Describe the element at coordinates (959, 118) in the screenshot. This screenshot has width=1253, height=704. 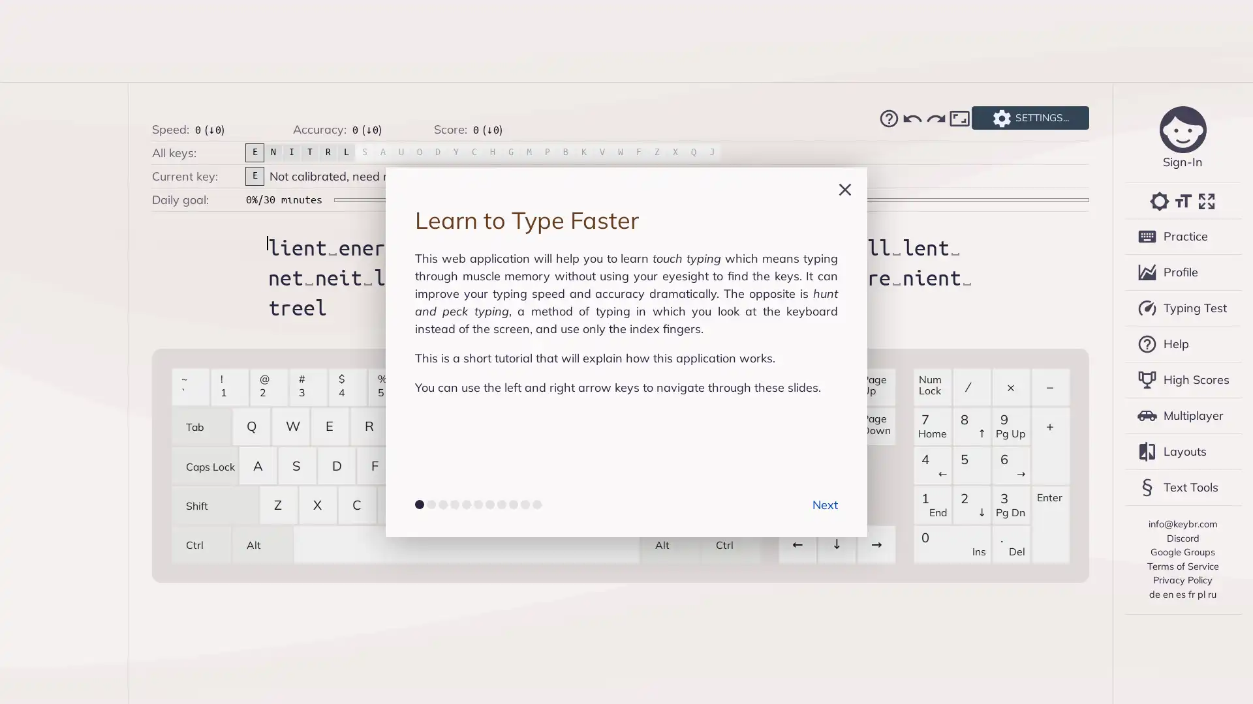
I see `Switch the current interface layout.` at that location.